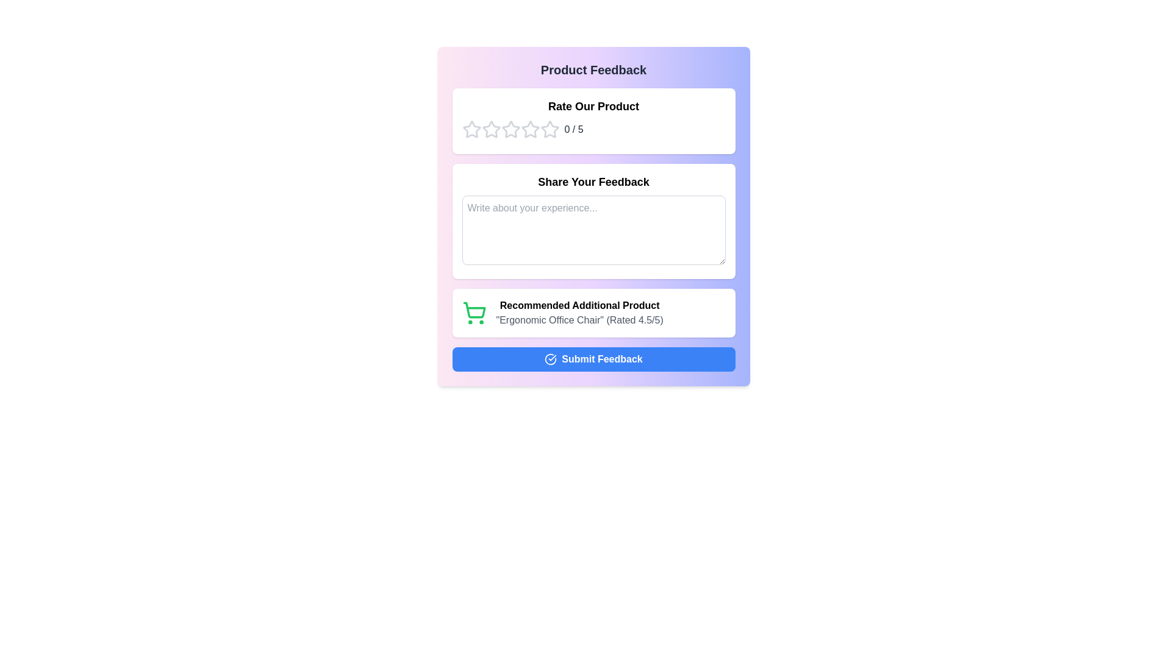  I want to click on the first interactive rating star icon in the rating widget under the 'Rate Our Product' section, so click(471, 129).